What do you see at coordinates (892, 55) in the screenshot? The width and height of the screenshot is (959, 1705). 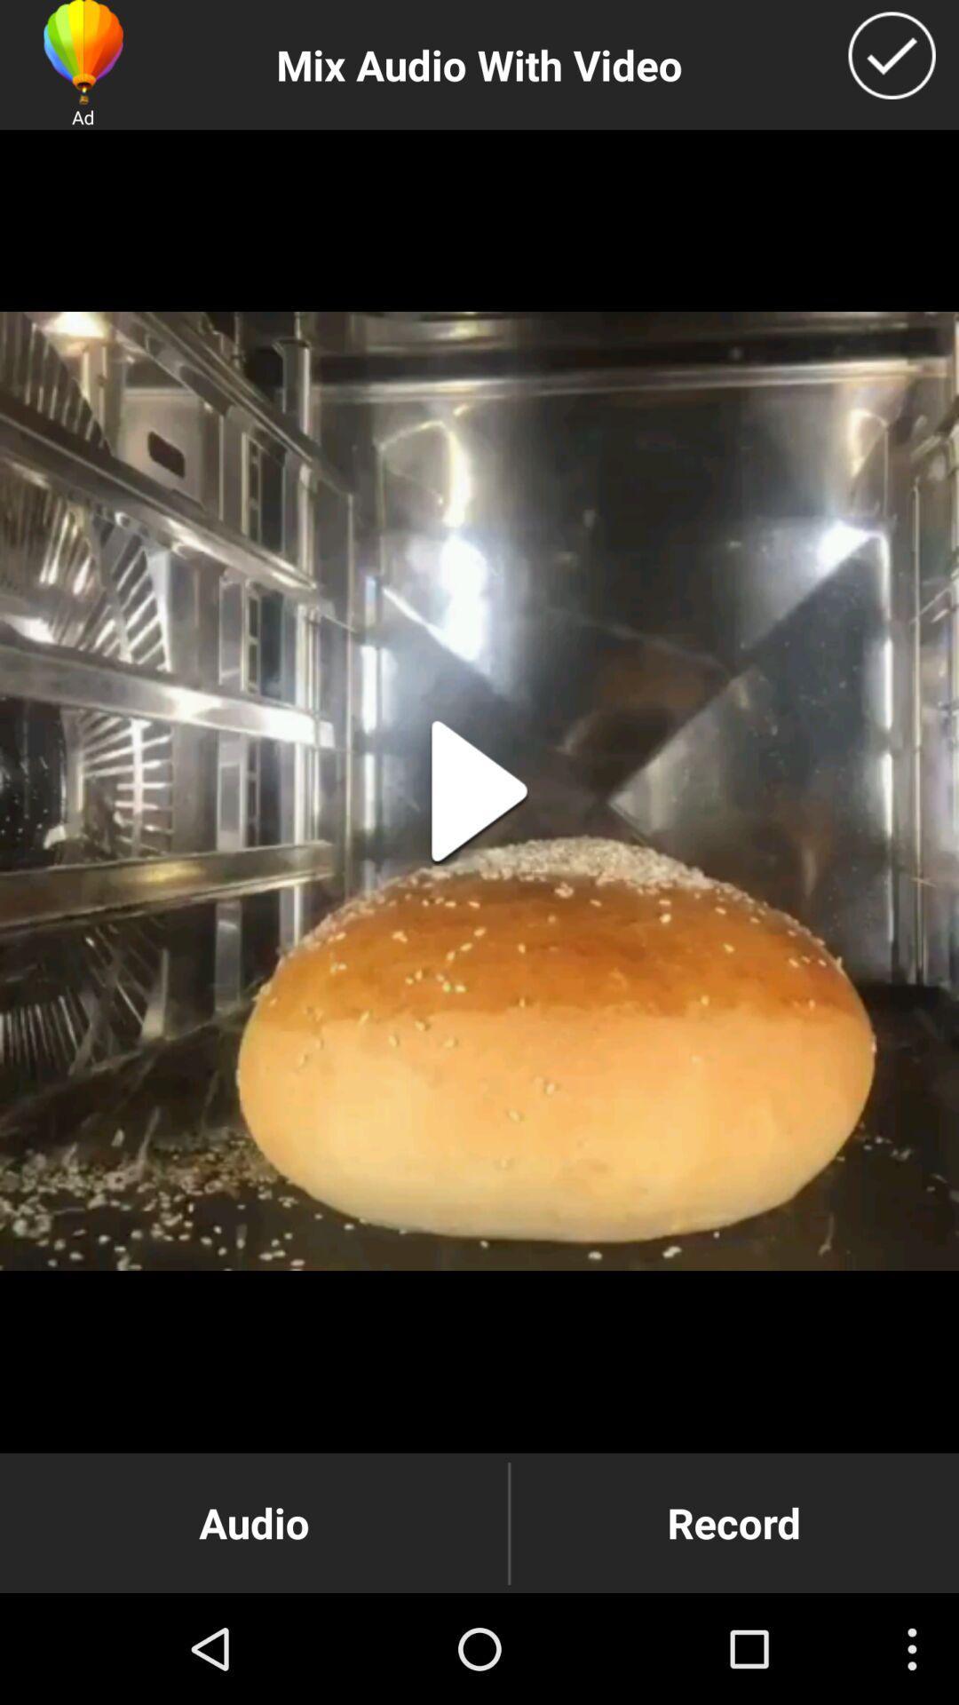 I see `done` at bounding box center [892, 55].